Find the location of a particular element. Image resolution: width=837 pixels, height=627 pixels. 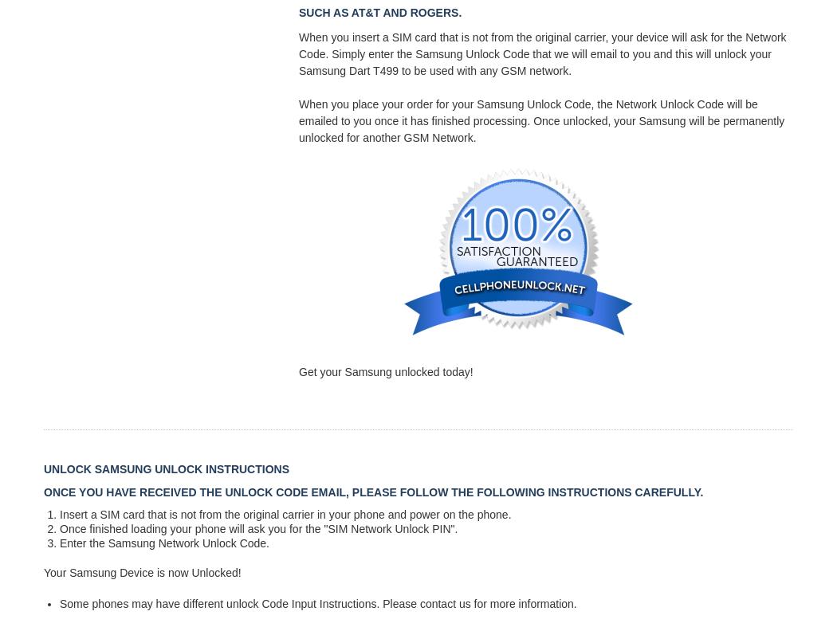

'Enter the Samsung Network Unlock Code.' is located at coordinates (58, 543).